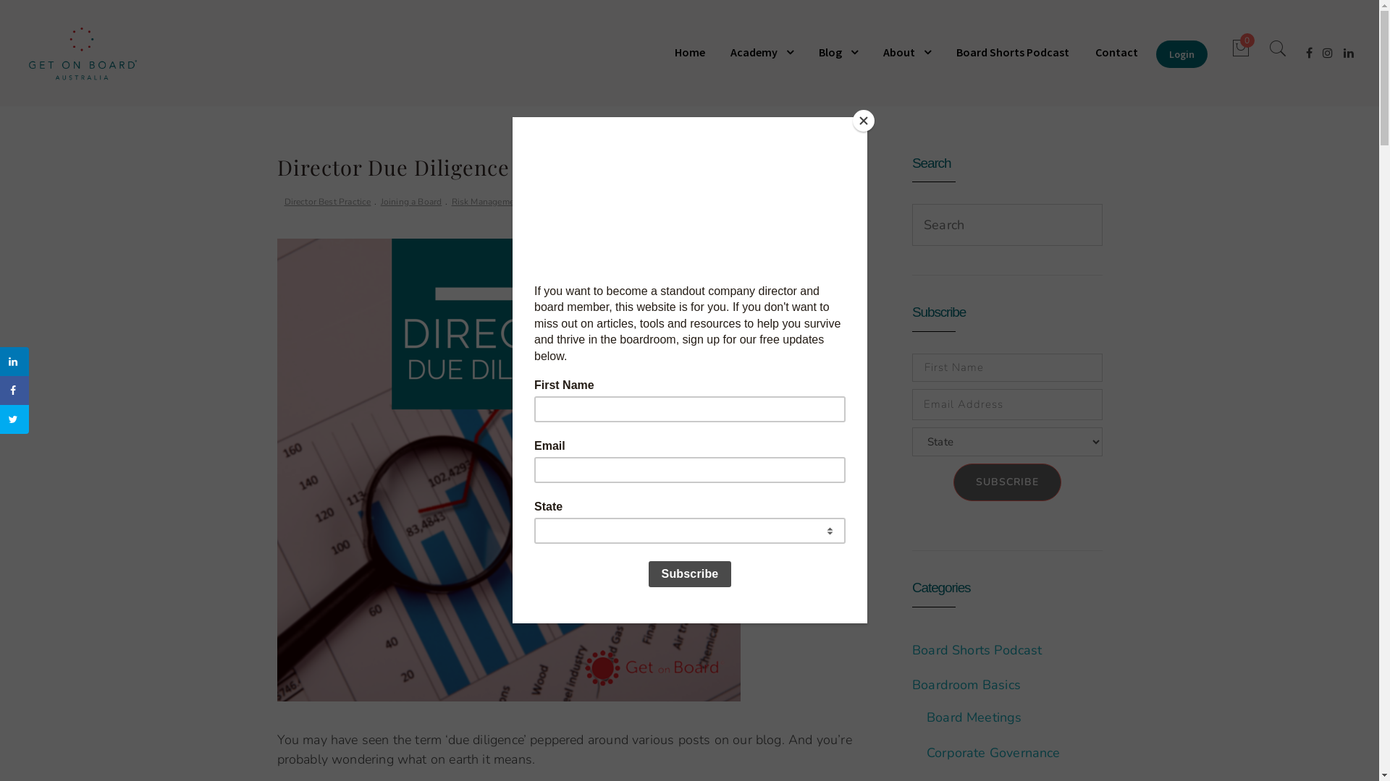  Describe the element at coordinates (14, 419) in the screenshot. I see `'Share on Twitter'` at that location.